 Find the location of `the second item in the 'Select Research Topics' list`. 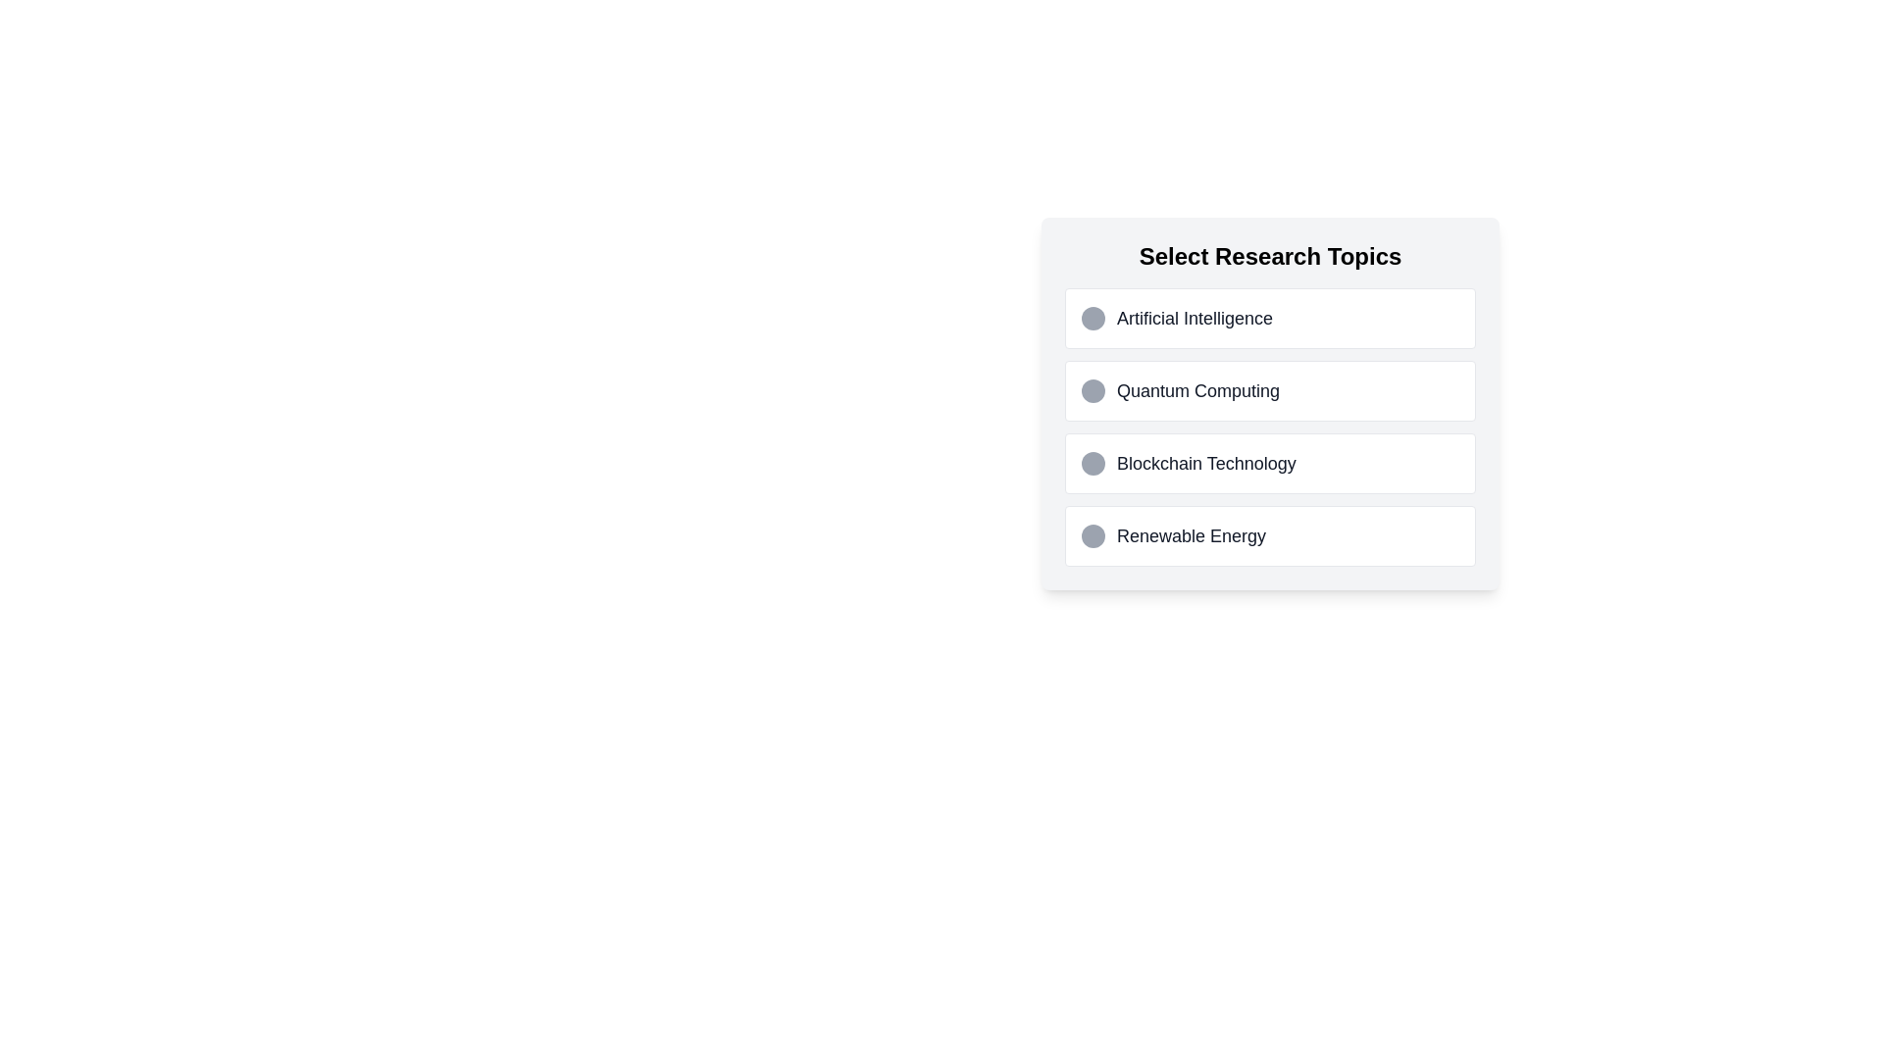

the second item in the 'Select Research Topics' list is located at coordinates (1270, 426).